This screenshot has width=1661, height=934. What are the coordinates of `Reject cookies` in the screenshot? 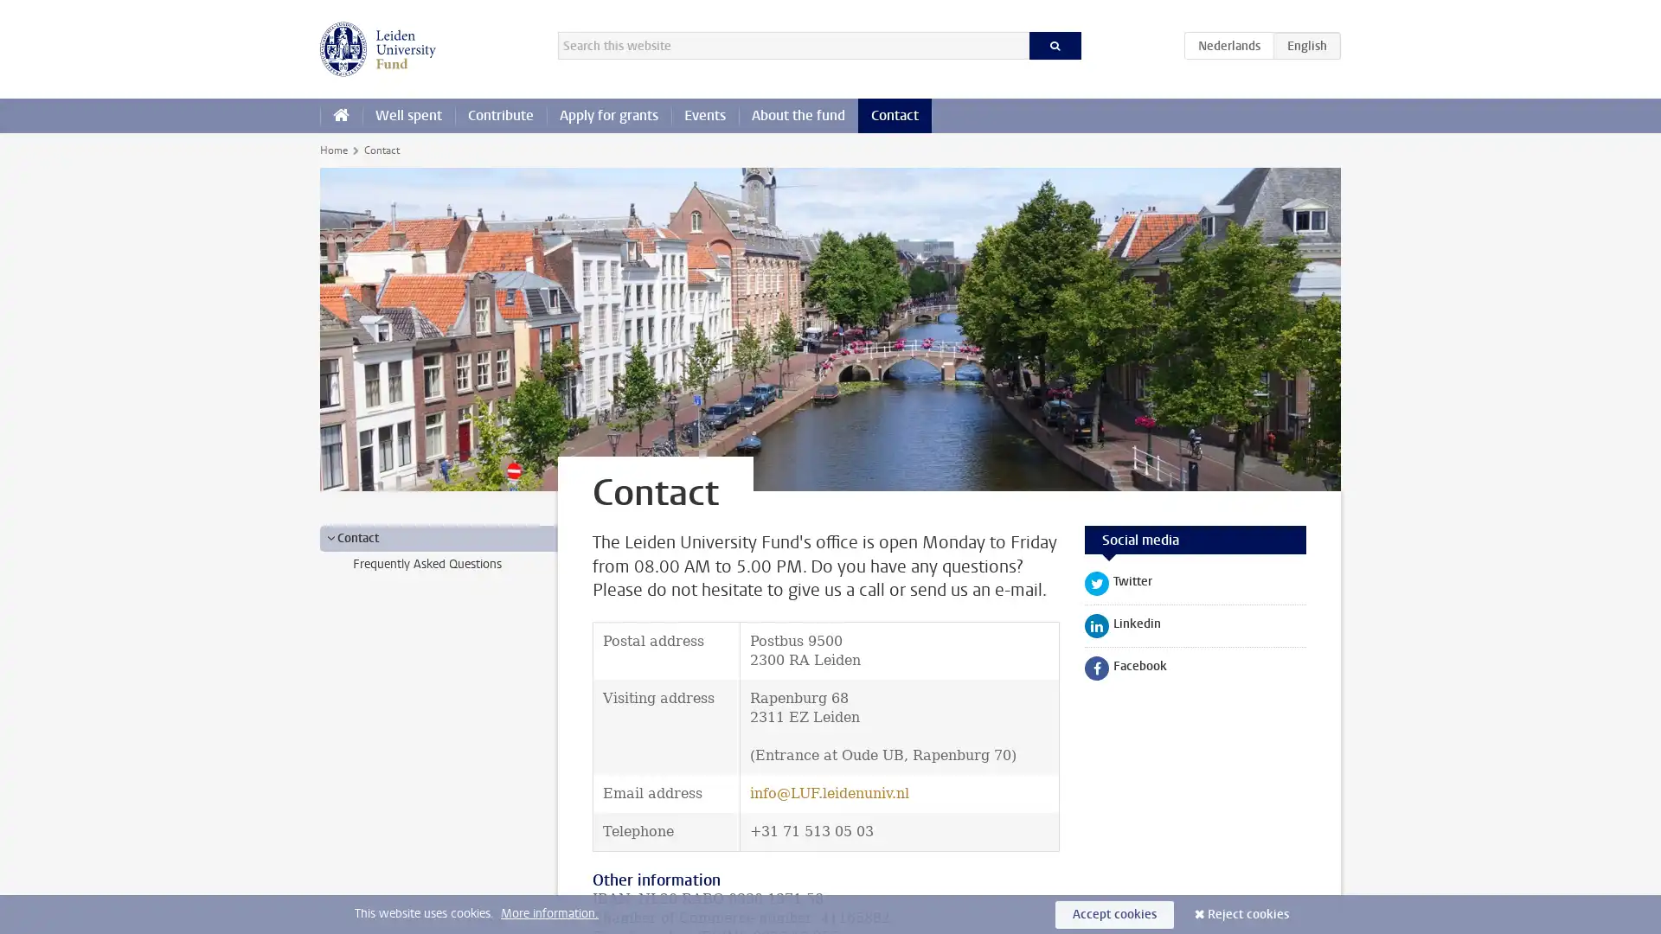 It's located at (1248, 913).